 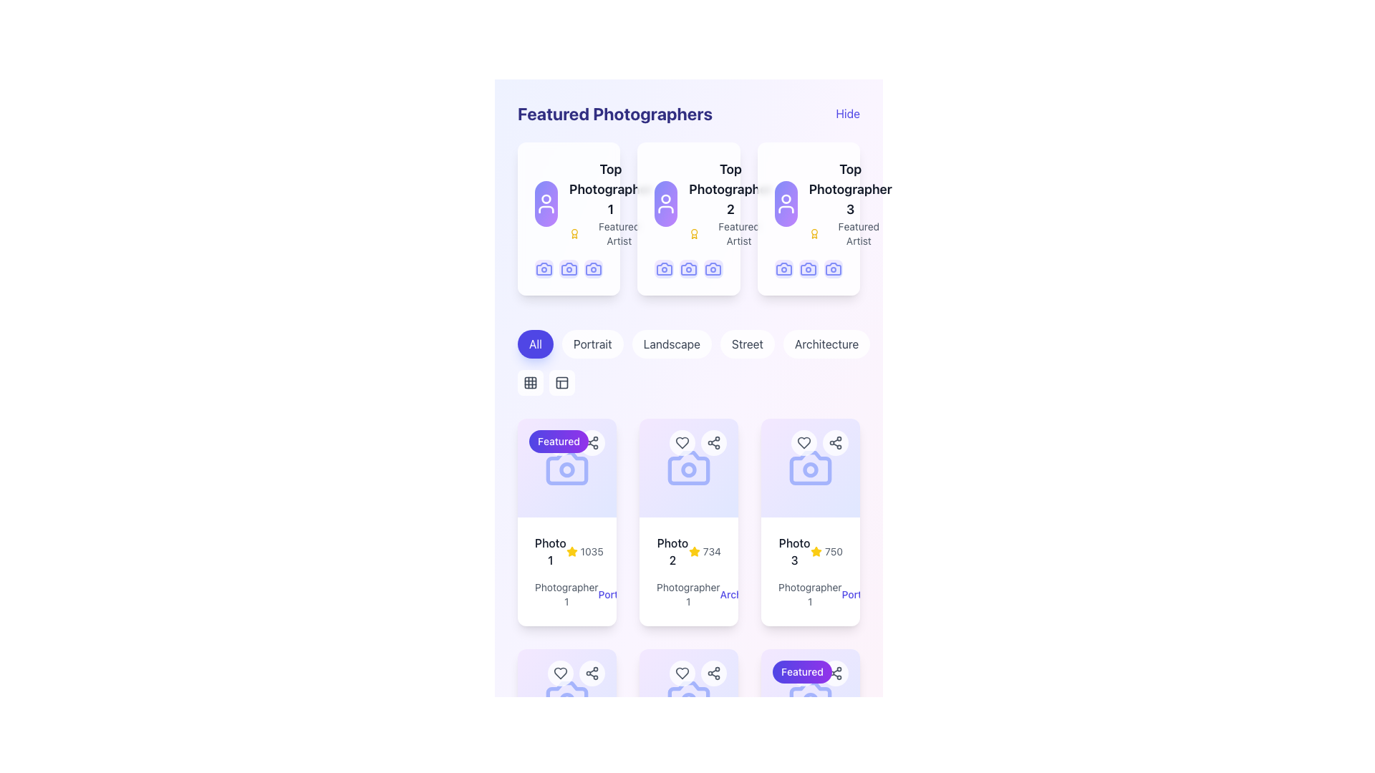 What do you see at coordinates (535, 344) in the screenshot?
I see `the first button in the set of five buttons below the 'Featured Photographers' section` at bounding box center [535, 344].